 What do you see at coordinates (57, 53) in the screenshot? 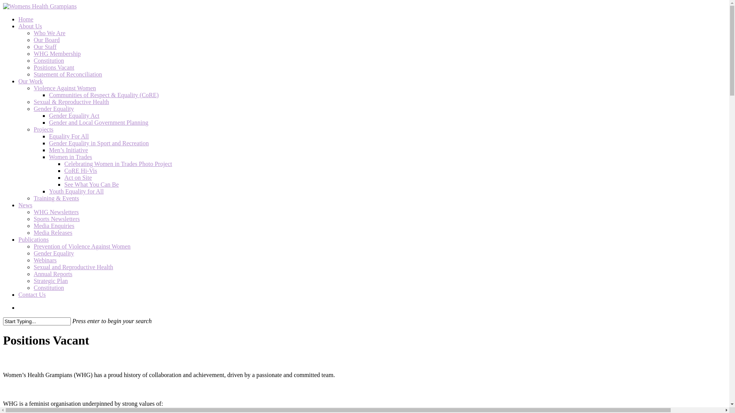
I see `'WHG Membership'` at bounding box center [57, 53].